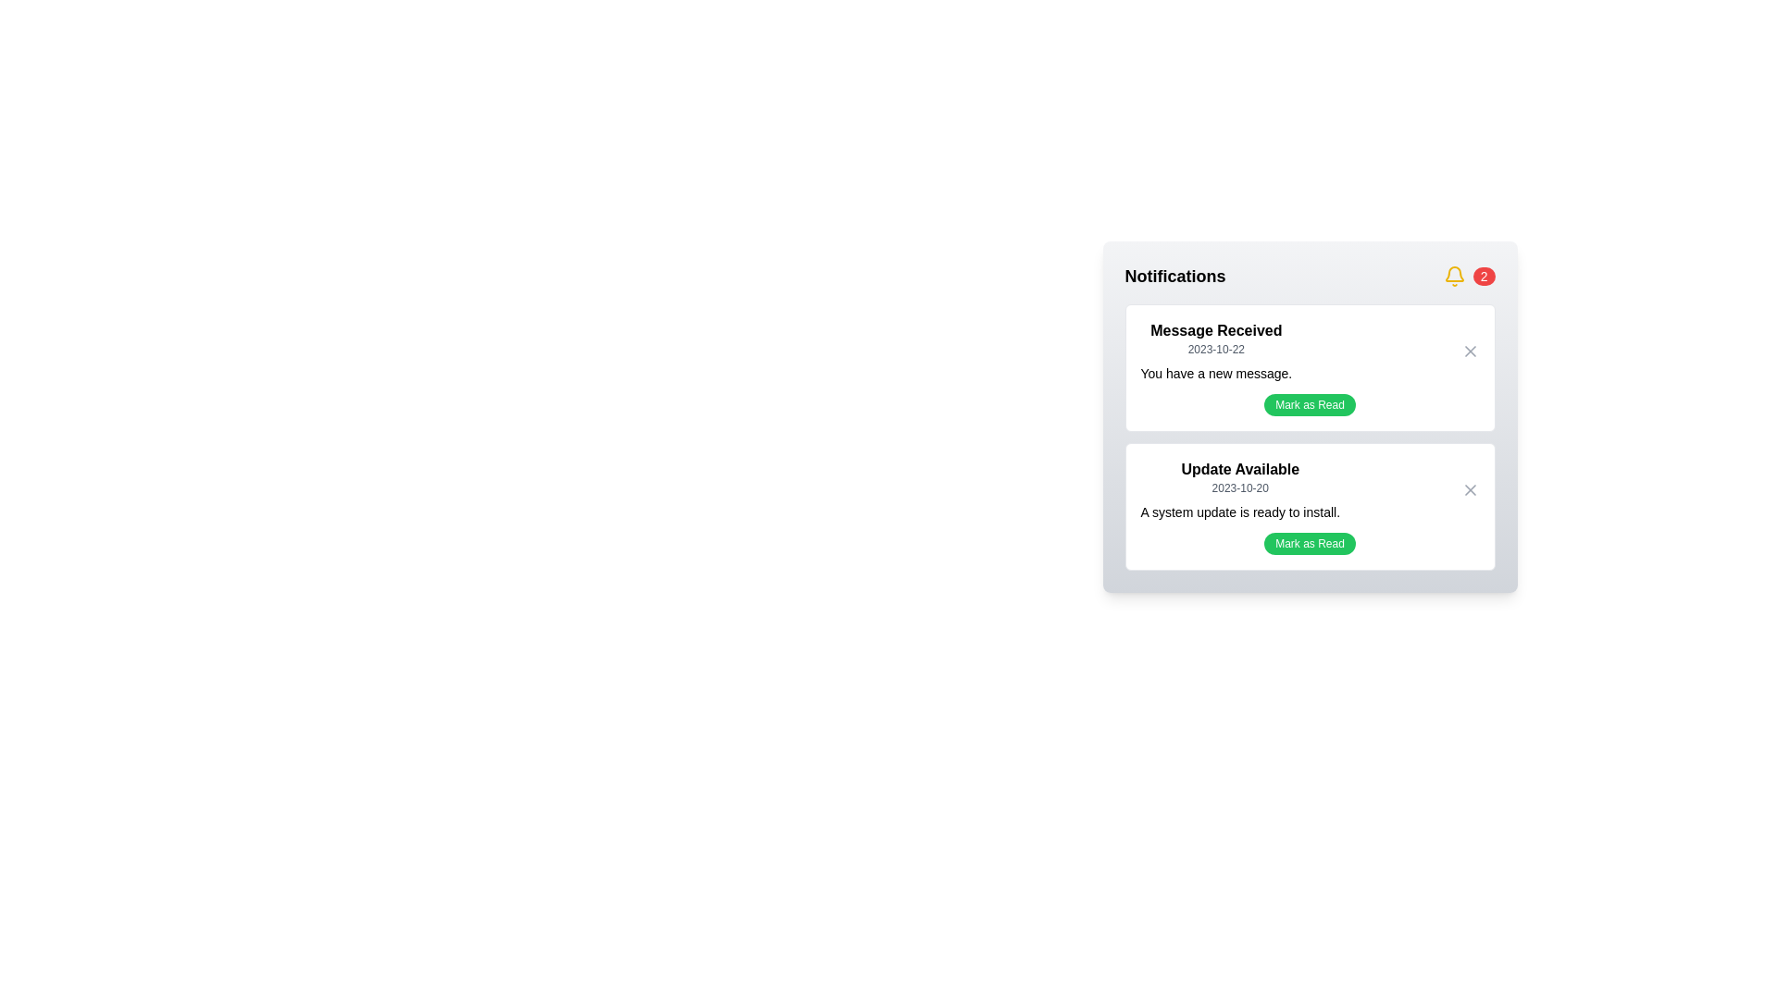 The width and height of the screenshot is (1777, 999). Describe the element at coordinates (1309, 542) in the screenshot. I see `the button in the lower-right corner of the 'Update Available' notification card to mark the notification as read` at that location.